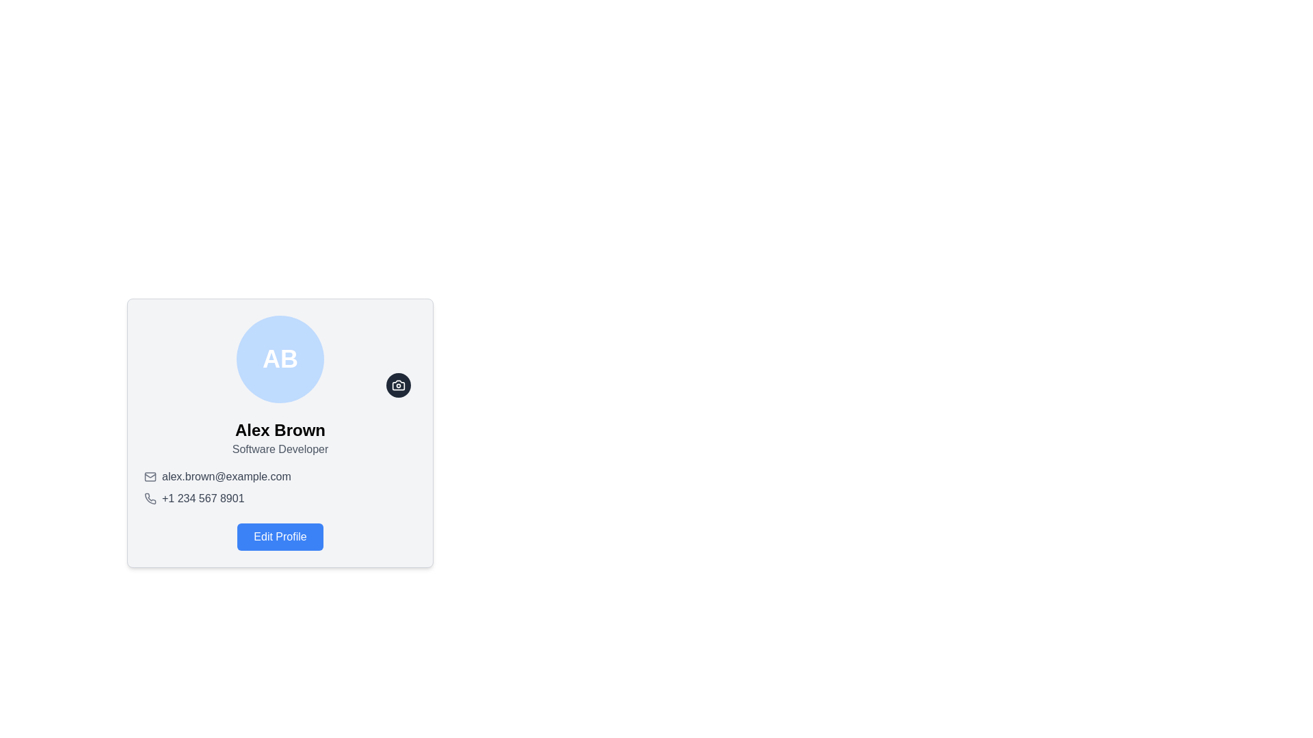 Image resolution: width=1313 pixels, height=738 pixels. I want to click on the phone icon displayed next to the phone number '+1 234 567 8901' in the user profile card, so click(150, 498).